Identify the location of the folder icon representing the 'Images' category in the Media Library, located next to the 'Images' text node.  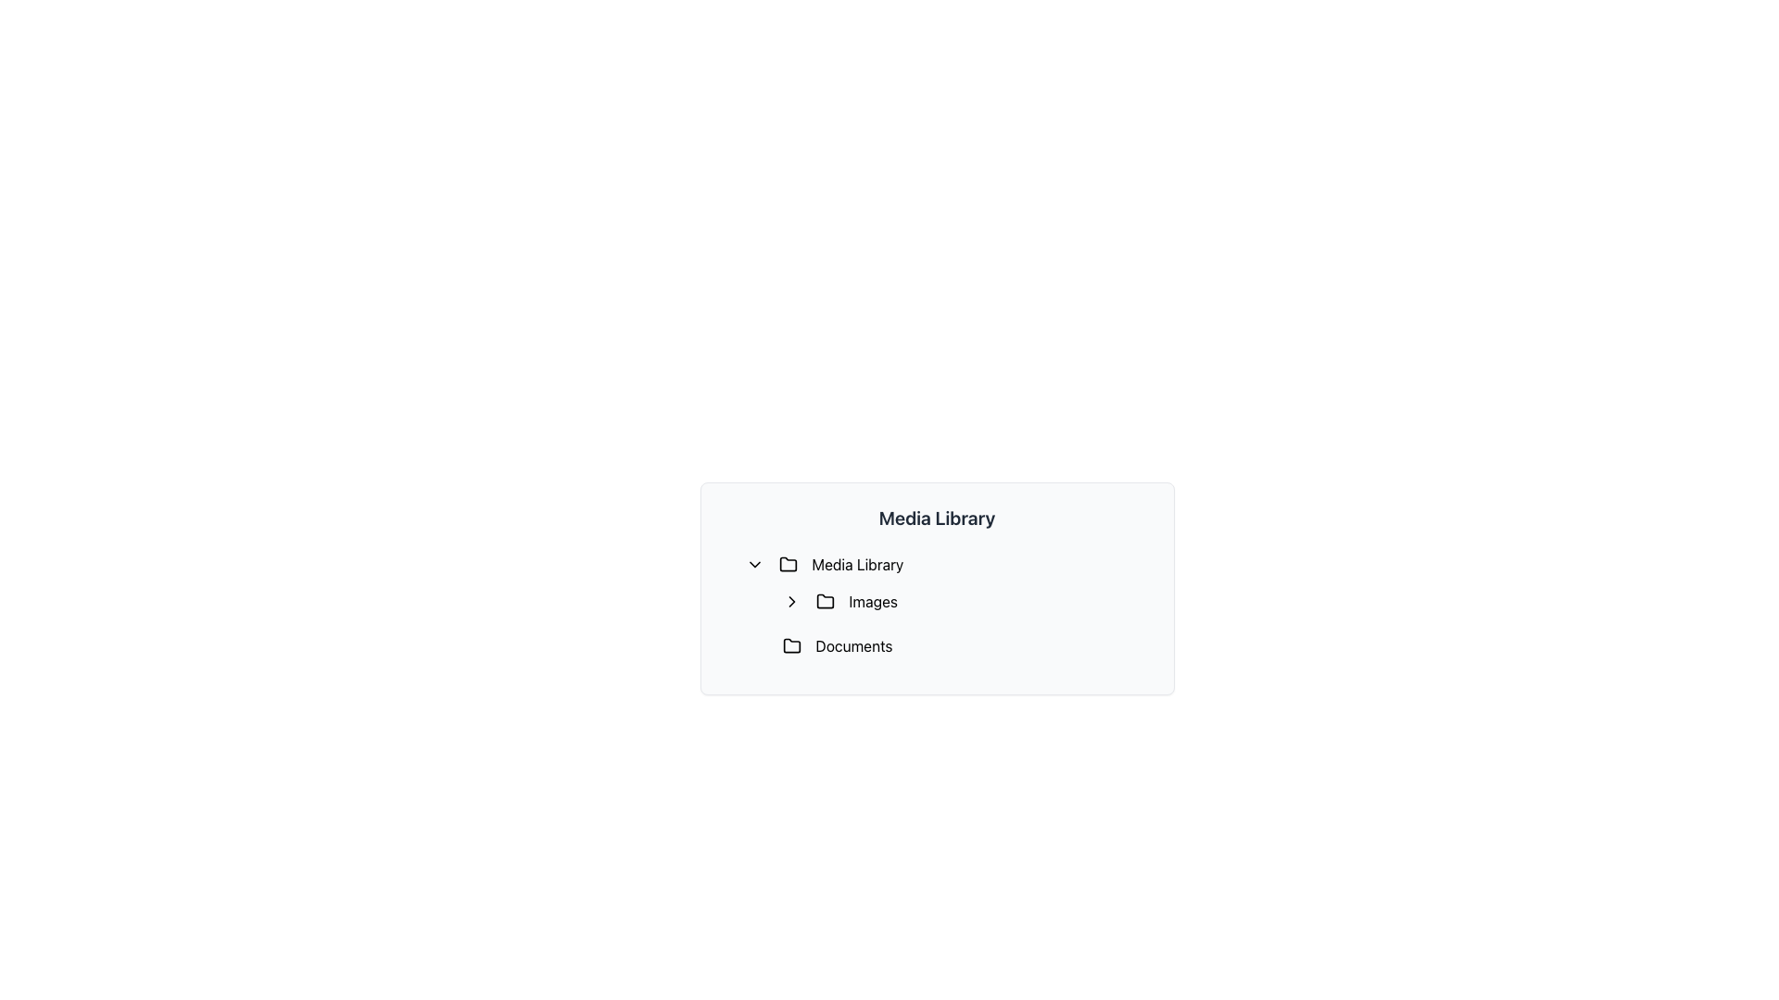
(824, 601).